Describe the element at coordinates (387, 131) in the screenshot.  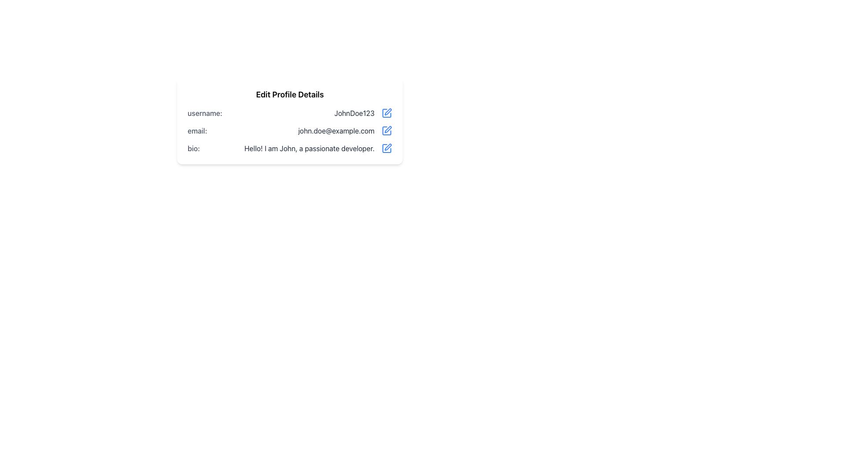
I see `the edit icon button located to the right of the email address 'john.doe@example.com'` at that location.